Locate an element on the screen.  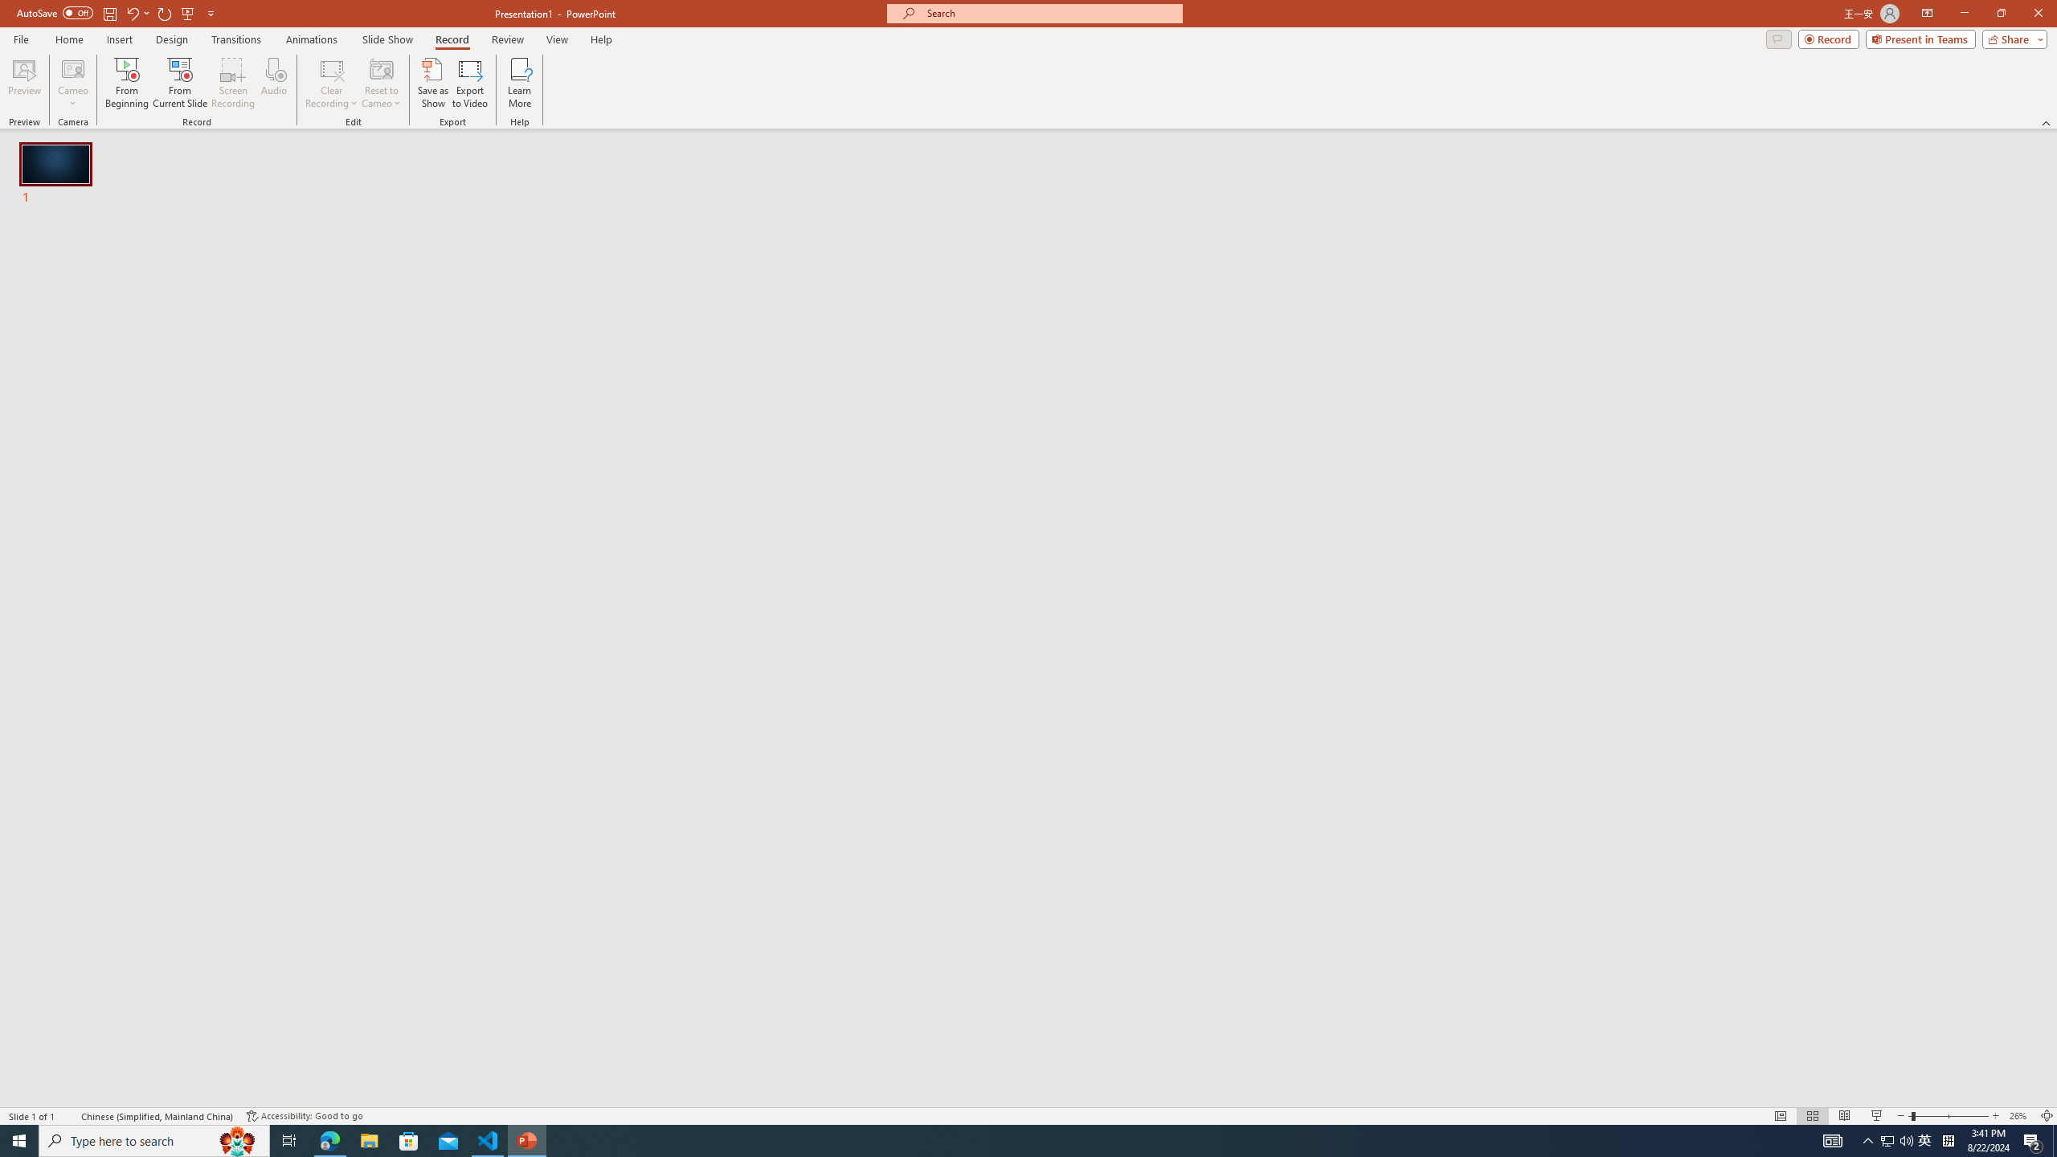
'Zoom Out' is located at coordinates (1909, 1116).